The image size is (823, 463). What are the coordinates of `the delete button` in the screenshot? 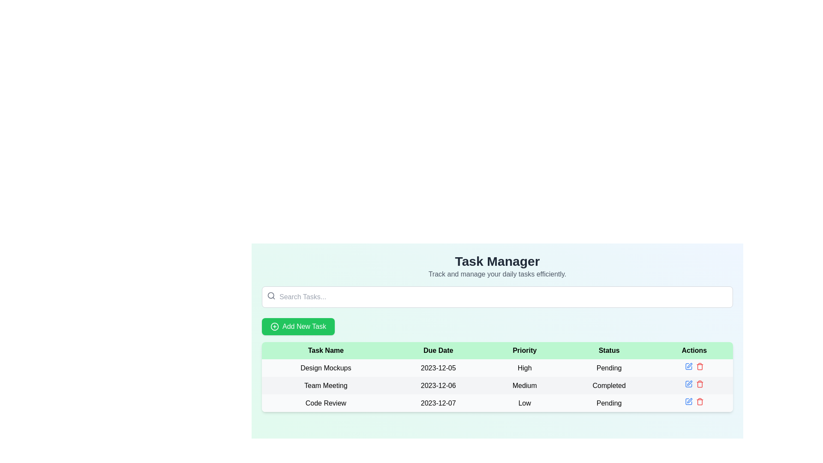 It's located at (700, 367).